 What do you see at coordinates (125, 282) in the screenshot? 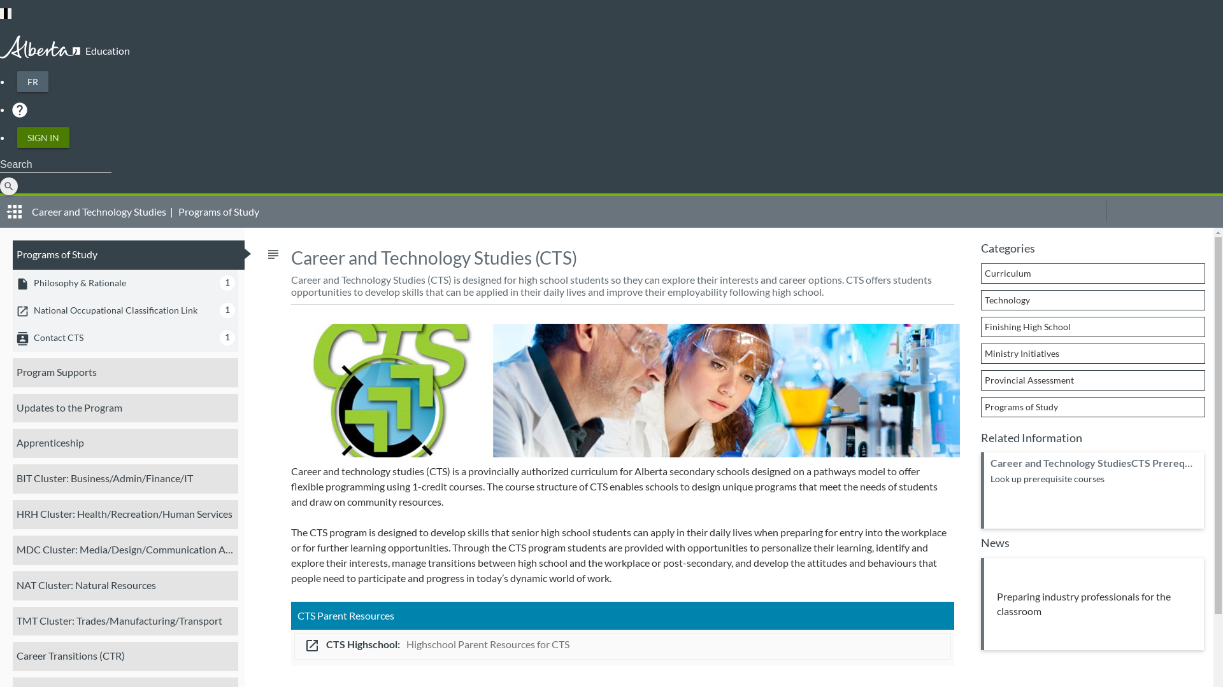
I see `'insert_drive_file Philosophy & Rationale` at bounding box center [125, 282].